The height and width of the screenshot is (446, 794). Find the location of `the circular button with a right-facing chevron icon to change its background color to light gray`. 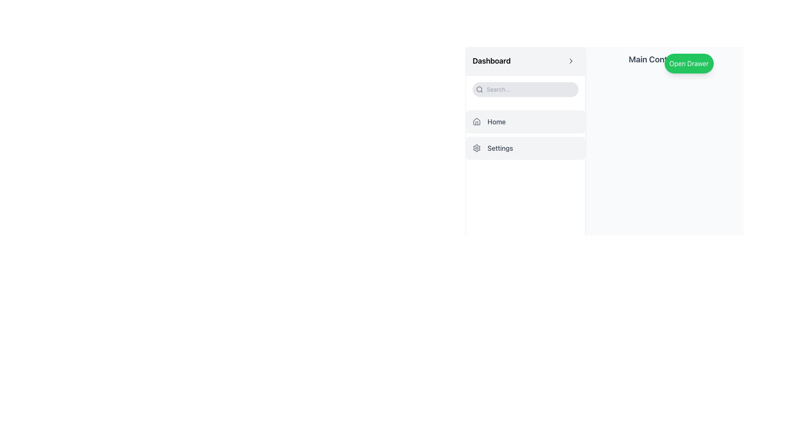

the circular button with a right-facing chevron icon to change its background color to light gray is located at coordinates (571, 60).